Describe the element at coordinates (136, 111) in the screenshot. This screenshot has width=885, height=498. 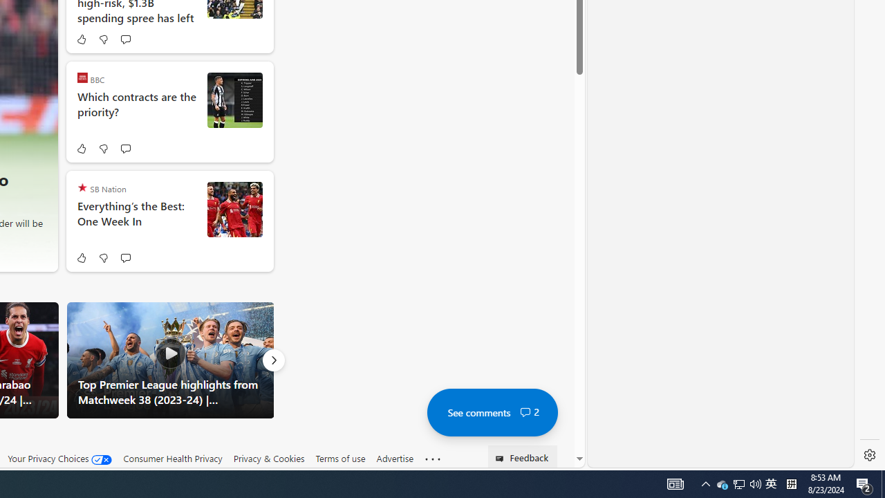
I see `'Which contracts are the priority?'` at that location.